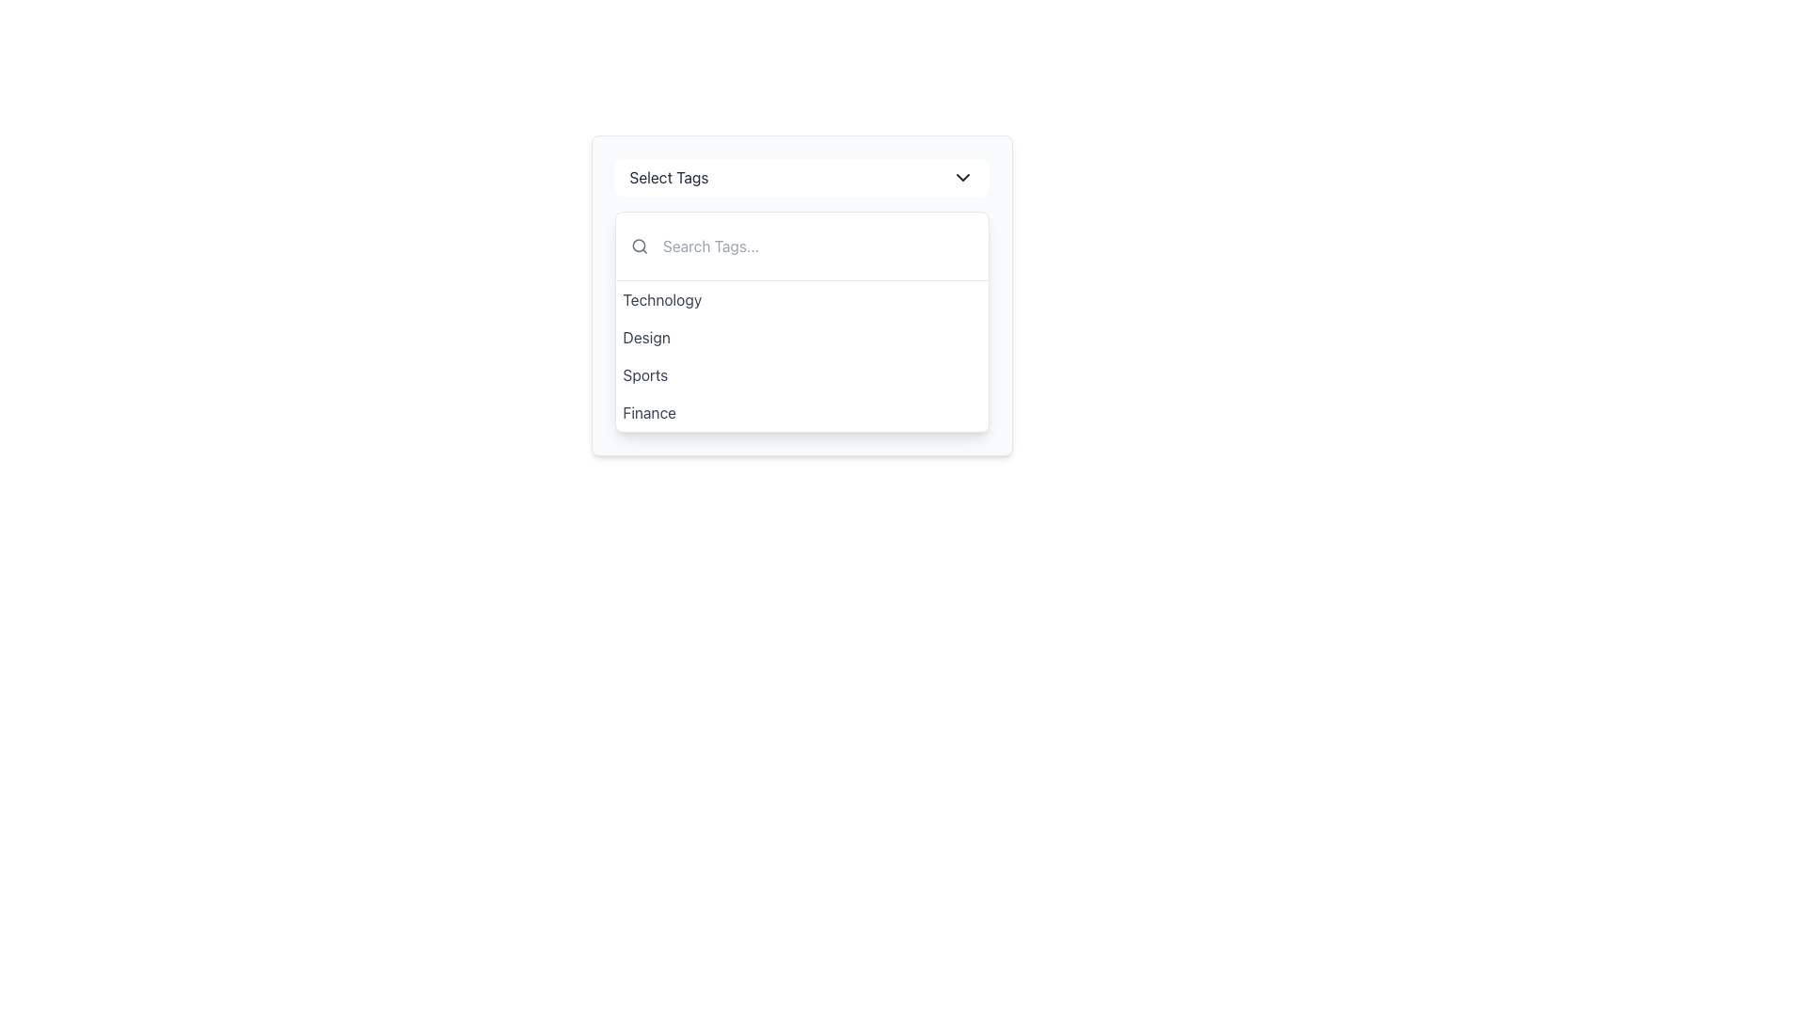 This screenshot has width=1806, height=1016. Describe the element at coordinates (801, 412) in the screenshot. I see `the fourth item in the dropdown menu representing the 'Finance' category` at that location.